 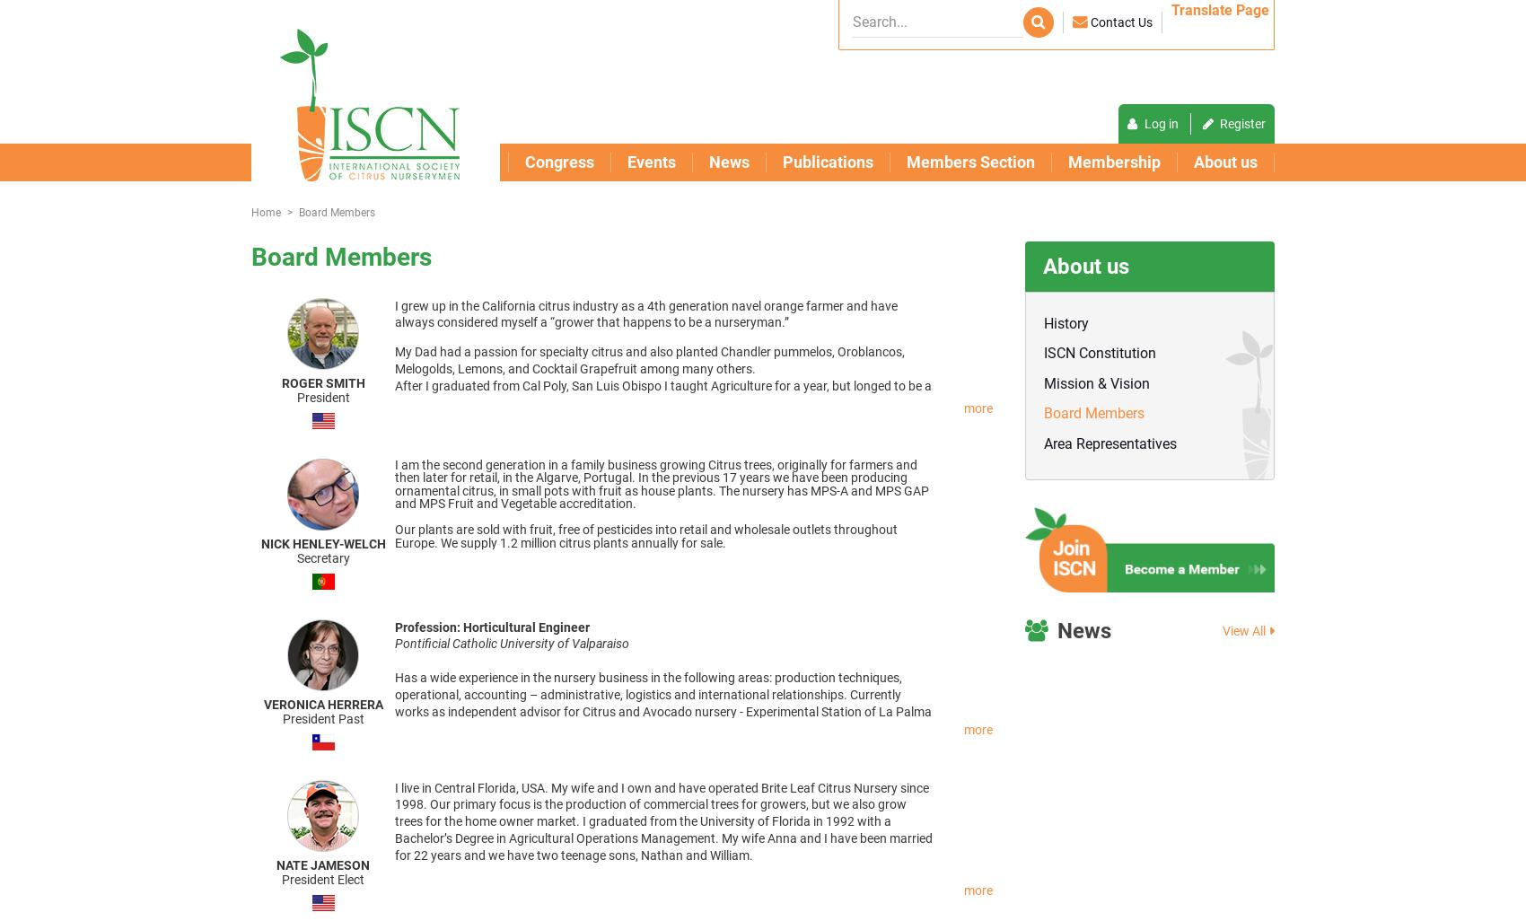 What do you see at coordinates (645, 313) in the screenshot?
I see `'I grew up in the California citrus industry as a 4th generation navel orange farmer and have always considered myself a “grower that happens to be a nurseryman.”'` at bounding box center [645, 313].